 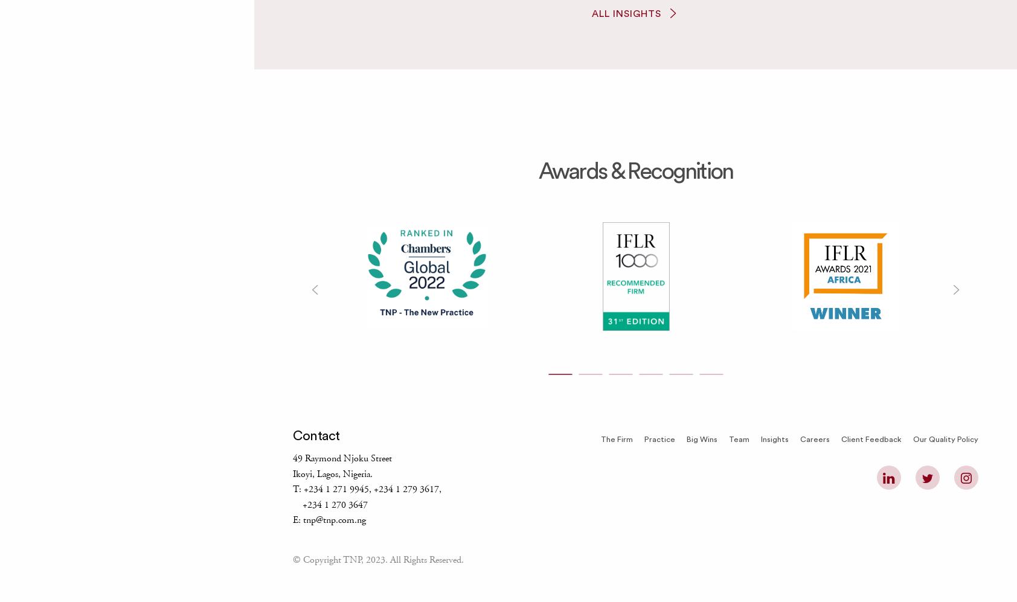 What do you see at coordinates (659, 440) in the screenshot?
I see `'Practice'` at bounding box center [659, 440].